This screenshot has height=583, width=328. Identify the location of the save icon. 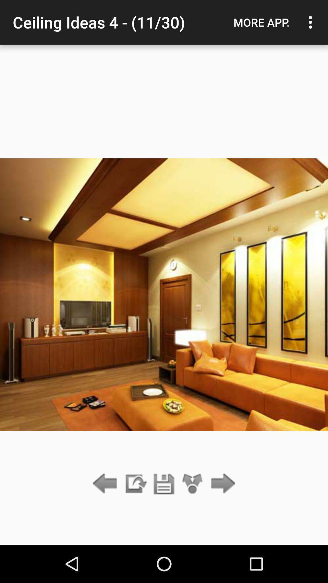
(164, 484).